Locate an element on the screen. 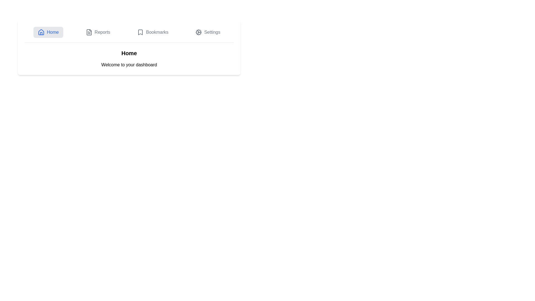  the file icon in the navigation bar, which is a gray outlined document icon located between the 'Home' and 'Bookmarks' icons is located at coordinates (89, 32).